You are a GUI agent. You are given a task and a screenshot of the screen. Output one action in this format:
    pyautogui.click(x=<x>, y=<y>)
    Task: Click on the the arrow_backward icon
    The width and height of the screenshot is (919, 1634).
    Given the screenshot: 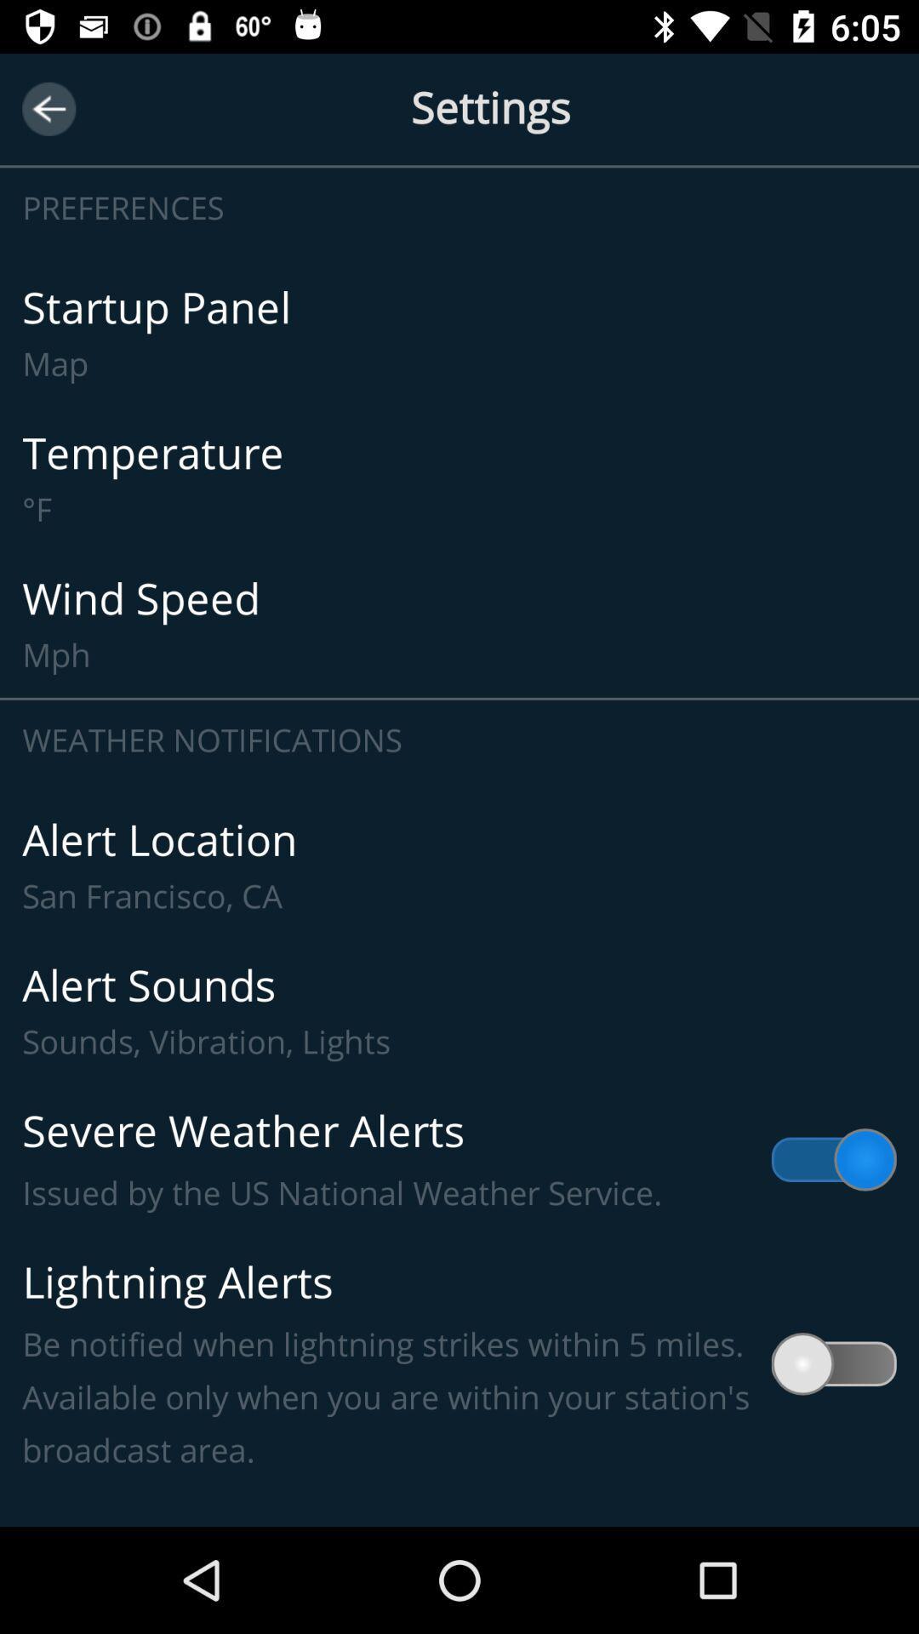 What is the action you would take?
    pyautogui.click(x=48, y=108)
    